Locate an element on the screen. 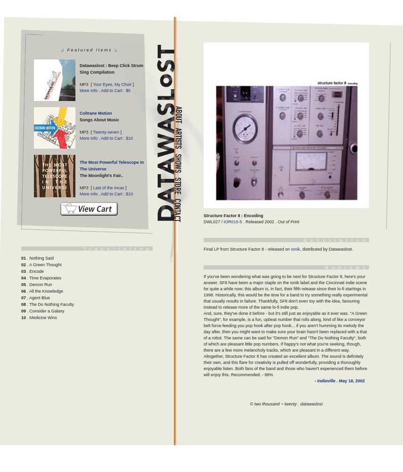  '05' is located at coordinates (23, 284).